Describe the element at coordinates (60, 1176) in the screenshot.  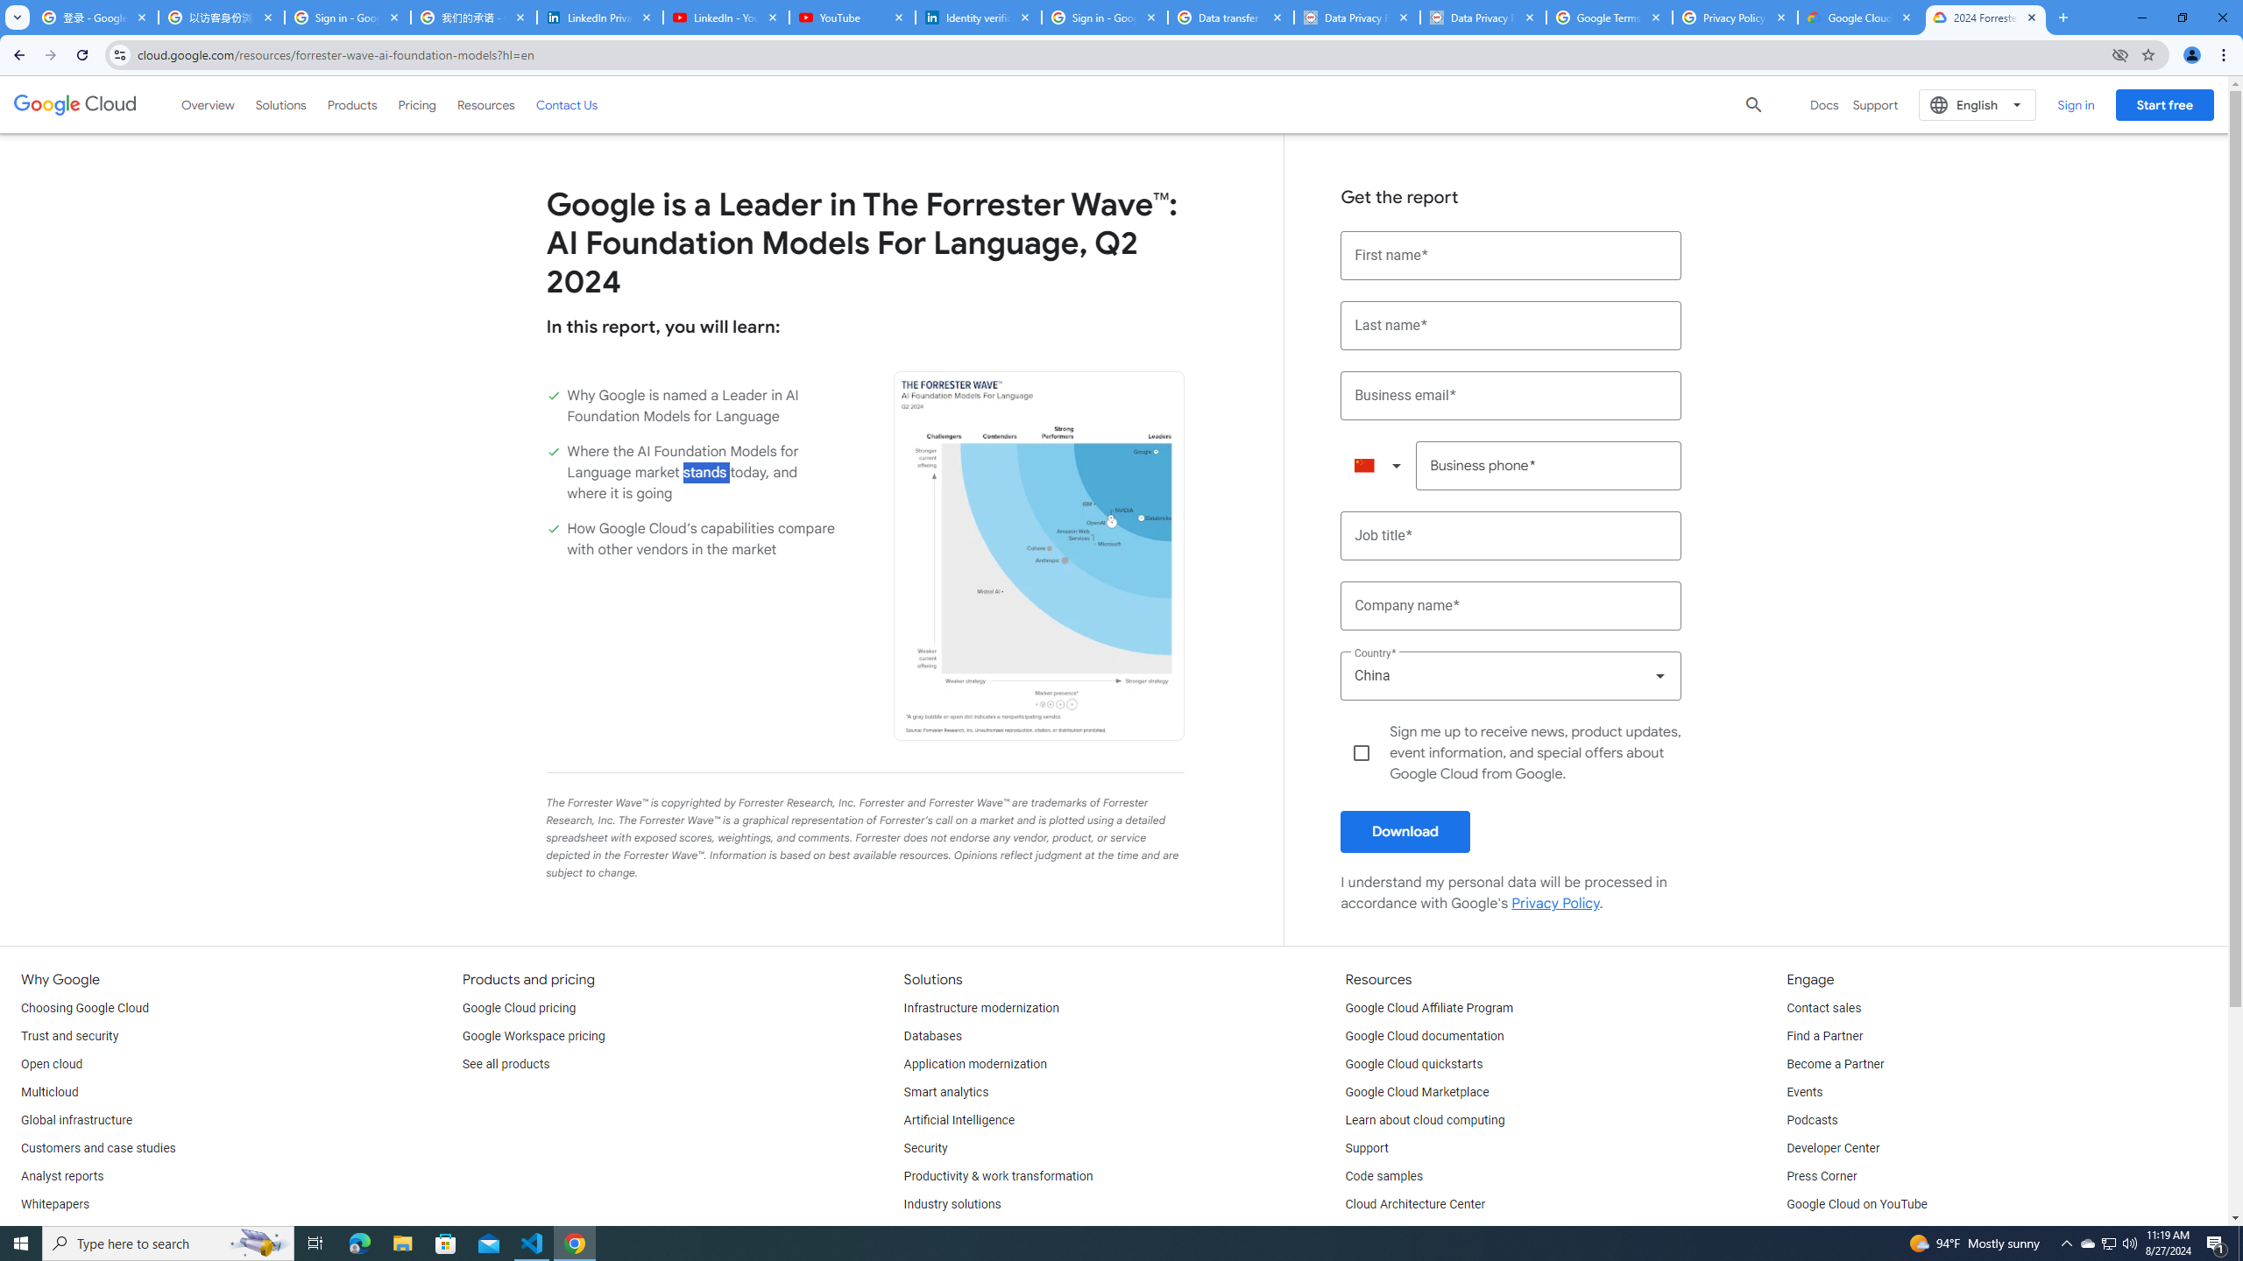
I see `'Analyst reports'` at that location.